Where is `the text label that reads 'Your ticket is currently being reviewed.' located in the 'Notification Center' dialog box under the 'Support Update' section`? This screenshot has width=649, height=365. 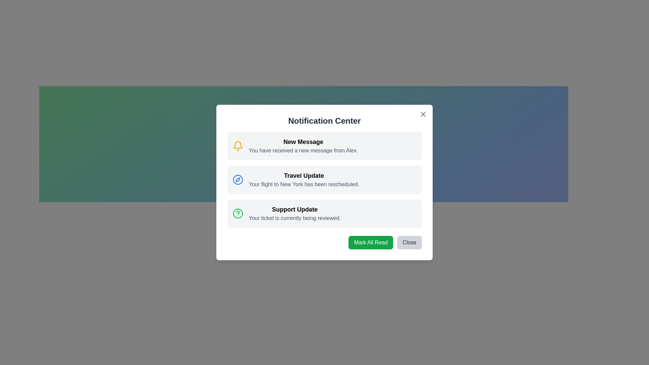
the text label that reads 'Your ticket is currently being reviewed.' located in the 'Notification Center' dialog box under the 'Support Update' section is located at coordinates (295, 218).